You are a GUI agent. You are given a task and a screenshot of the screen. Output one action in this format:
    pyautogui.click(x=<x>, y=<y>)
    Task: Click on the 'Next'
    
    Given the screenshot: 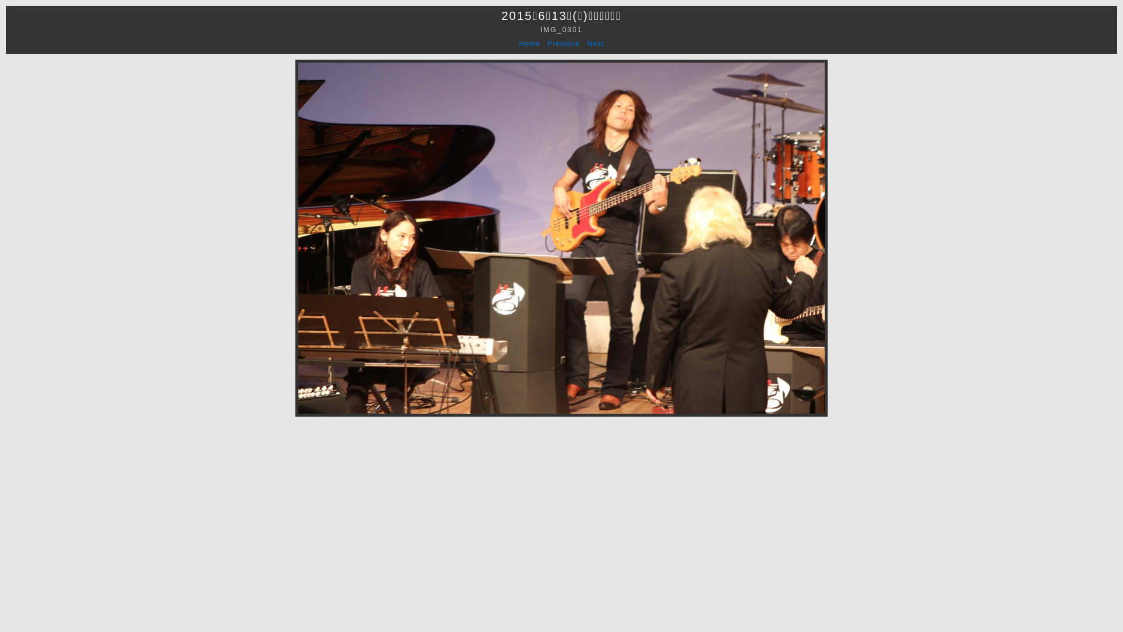 What is the action you would take?
    pyautogui.click(x=587, y=43)
    